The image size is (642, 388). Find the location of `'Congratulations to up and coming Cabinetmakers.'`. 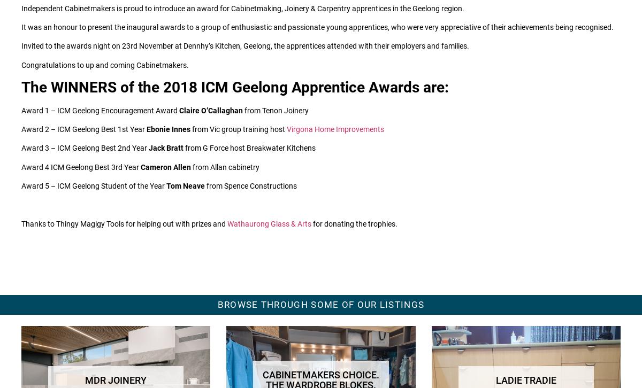

'Congratulations to up and coming Cabinetmakers.' is located at coordinates (104, 65).